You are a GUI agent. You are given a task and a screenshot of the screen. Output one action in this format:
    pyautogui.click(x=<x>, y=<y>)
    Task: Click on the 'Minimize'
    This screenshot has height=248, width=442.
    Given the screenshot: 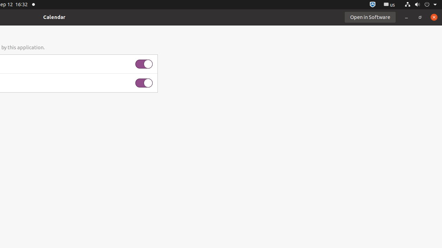 What is the action you would take?
    pyautogui.click(x=406, y=17)
    